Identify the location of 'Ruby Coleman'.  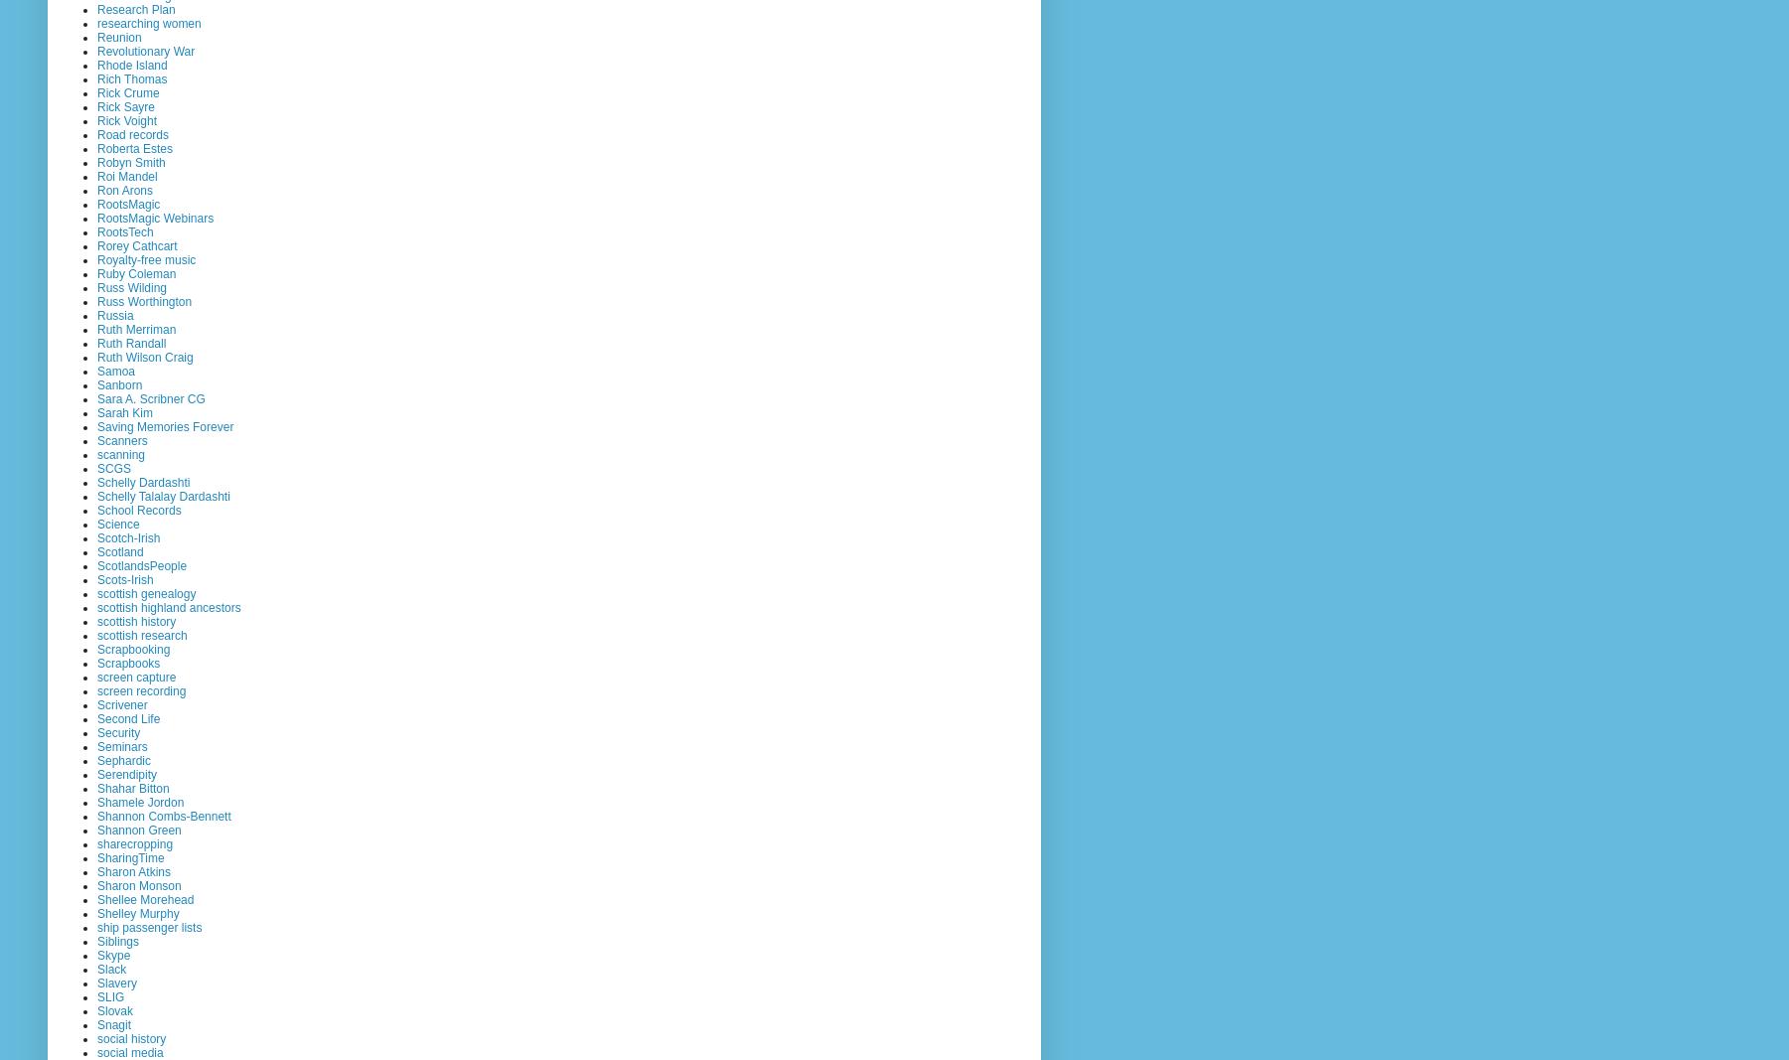
(136, 272).